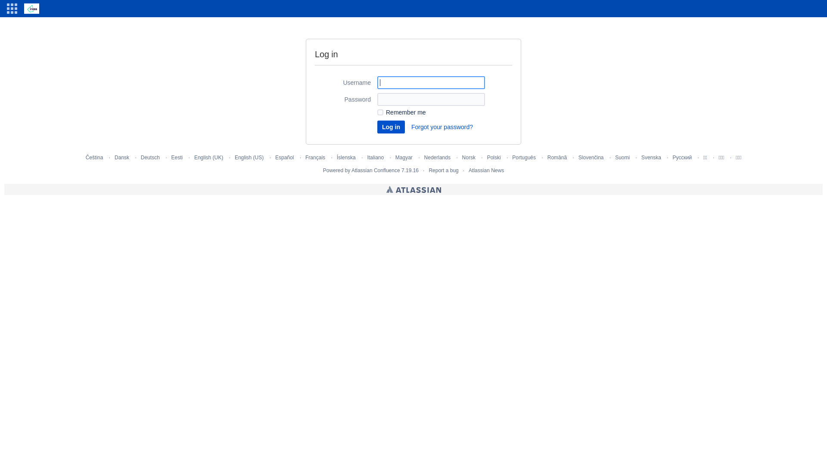 Image resolution: width=827 pixels, height=465 pixels. I want to click on 'English (UK)', so click(208, 158).